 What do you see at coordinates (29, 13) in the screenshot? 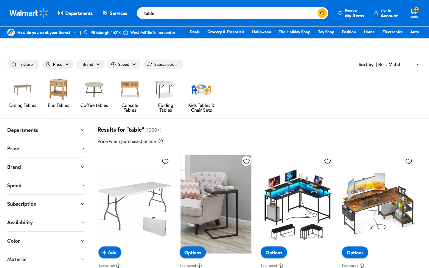
I see `Tap on the Walmart emblem to return to the main page` at bounding box center [29, 13].